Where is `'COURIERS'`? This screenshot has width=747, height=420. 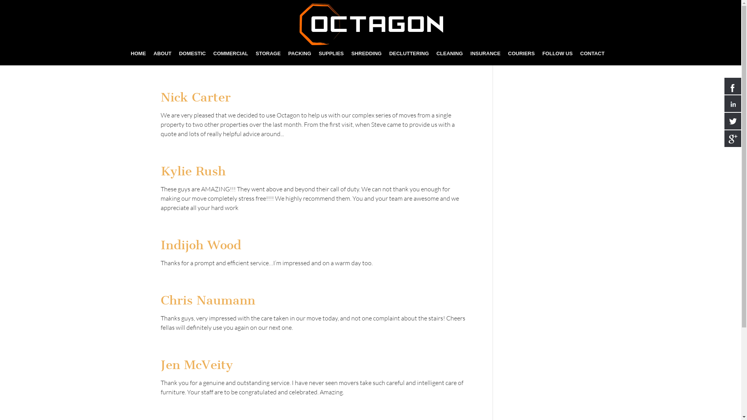
'COURIERS' is located at coordinates (521, 58).